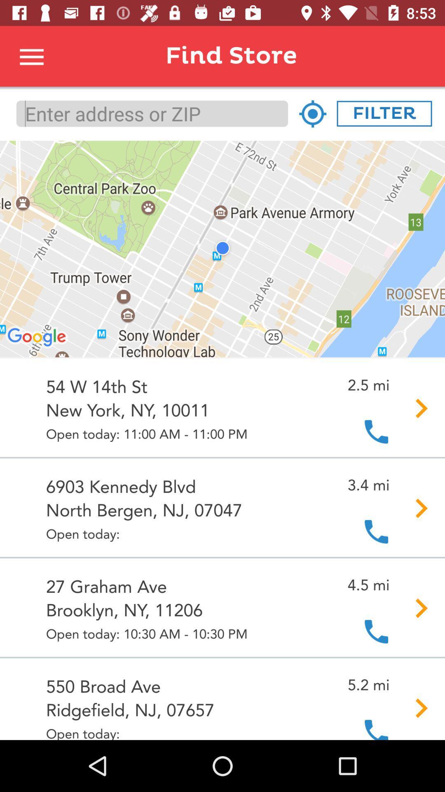 This screenshot has width=445, height=792. What do you see at coordinates (376, 531) in the screenshot?
I see `the second dialer icon at the right side of the page` at bounding box center [376, 531].